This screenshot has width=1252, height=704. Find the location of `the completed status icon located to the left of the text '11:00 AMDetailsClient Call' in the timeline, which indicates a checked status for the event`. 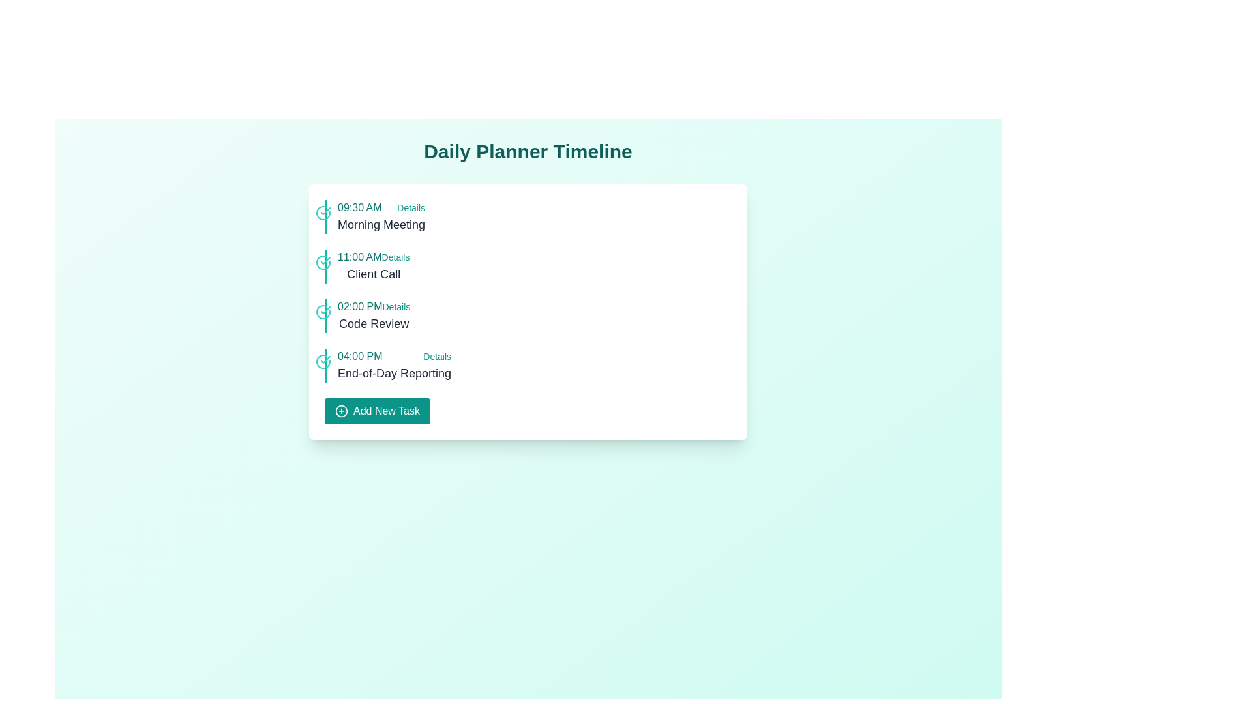

the completed status icon located to the left of the text '11:00 AMDetailsClient Call' in the timeline, which indicates a checked status for the event is located at coordinates (323, 262).